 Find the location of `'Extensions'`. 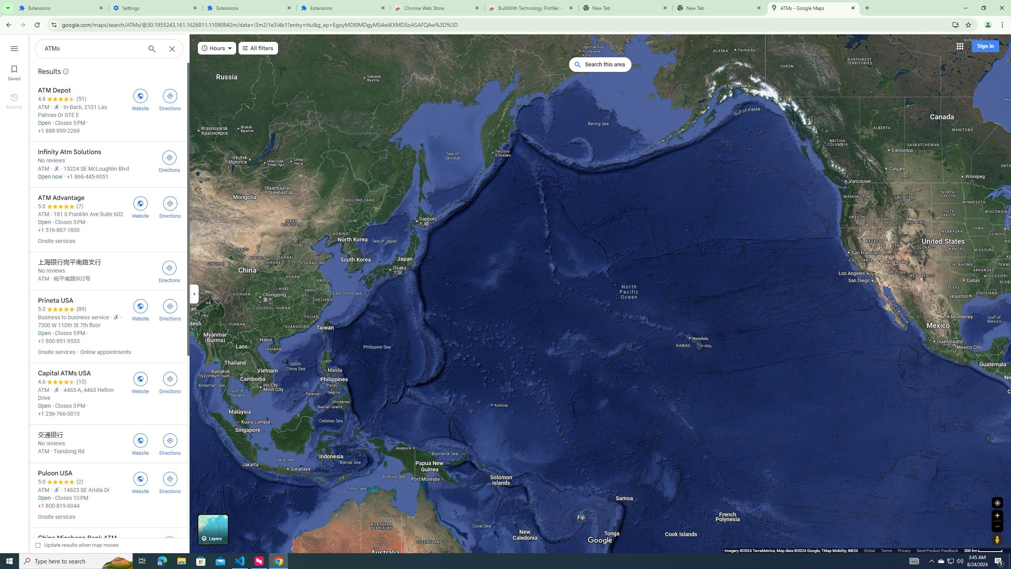

'Extensions' is located at coordinates (249, 8).